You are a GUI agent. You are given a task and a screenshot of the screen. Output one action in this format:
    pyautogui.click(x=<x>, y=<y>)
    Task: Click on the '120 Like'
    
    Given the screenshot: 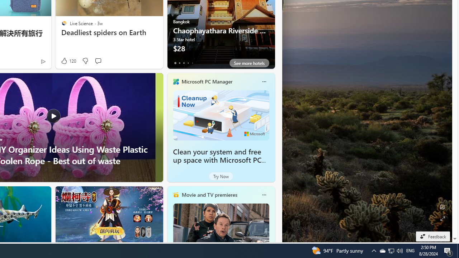 What is the action you would take?
    pyautogui.click(x=68, y=61)
    